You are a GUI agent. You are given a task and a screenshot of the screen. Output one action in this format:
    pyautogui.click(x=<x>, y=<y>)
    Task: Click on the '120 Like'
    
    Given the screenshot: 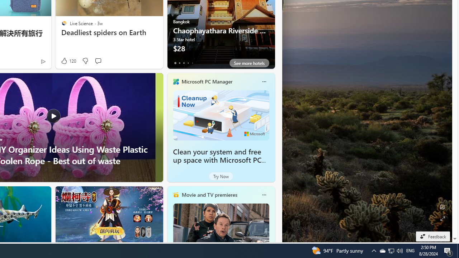 What is the action you would take?
    pyautogui.click(x=68, y=61)
    